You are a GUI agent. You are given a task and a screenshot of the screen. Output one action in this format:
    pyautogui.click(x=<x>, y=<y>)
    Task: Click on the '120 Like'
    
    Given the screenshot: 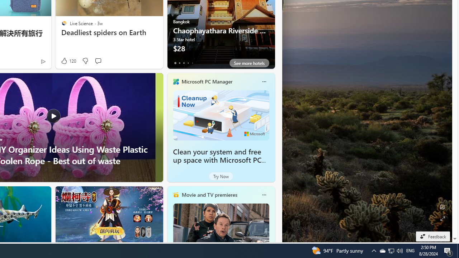 What is the action you would take?
    pyautogui.click(x=68, y=61)
    